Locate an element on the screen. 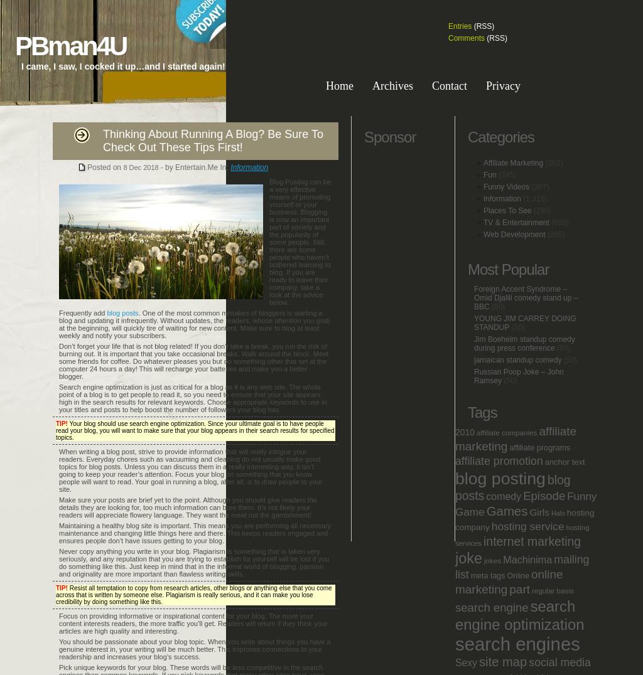  'affiliate companies' is located at coordinates (506, 432).